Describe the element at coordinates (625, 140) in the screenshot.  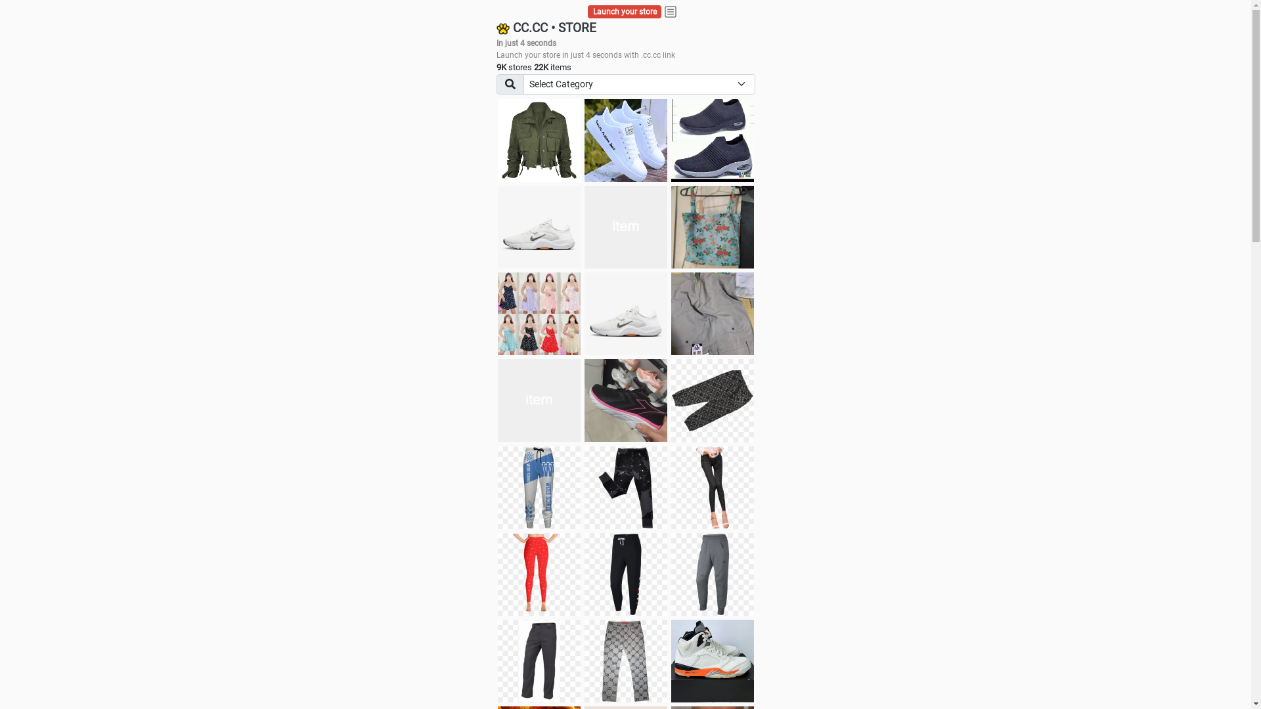
I see `'white shoes'` at that location.